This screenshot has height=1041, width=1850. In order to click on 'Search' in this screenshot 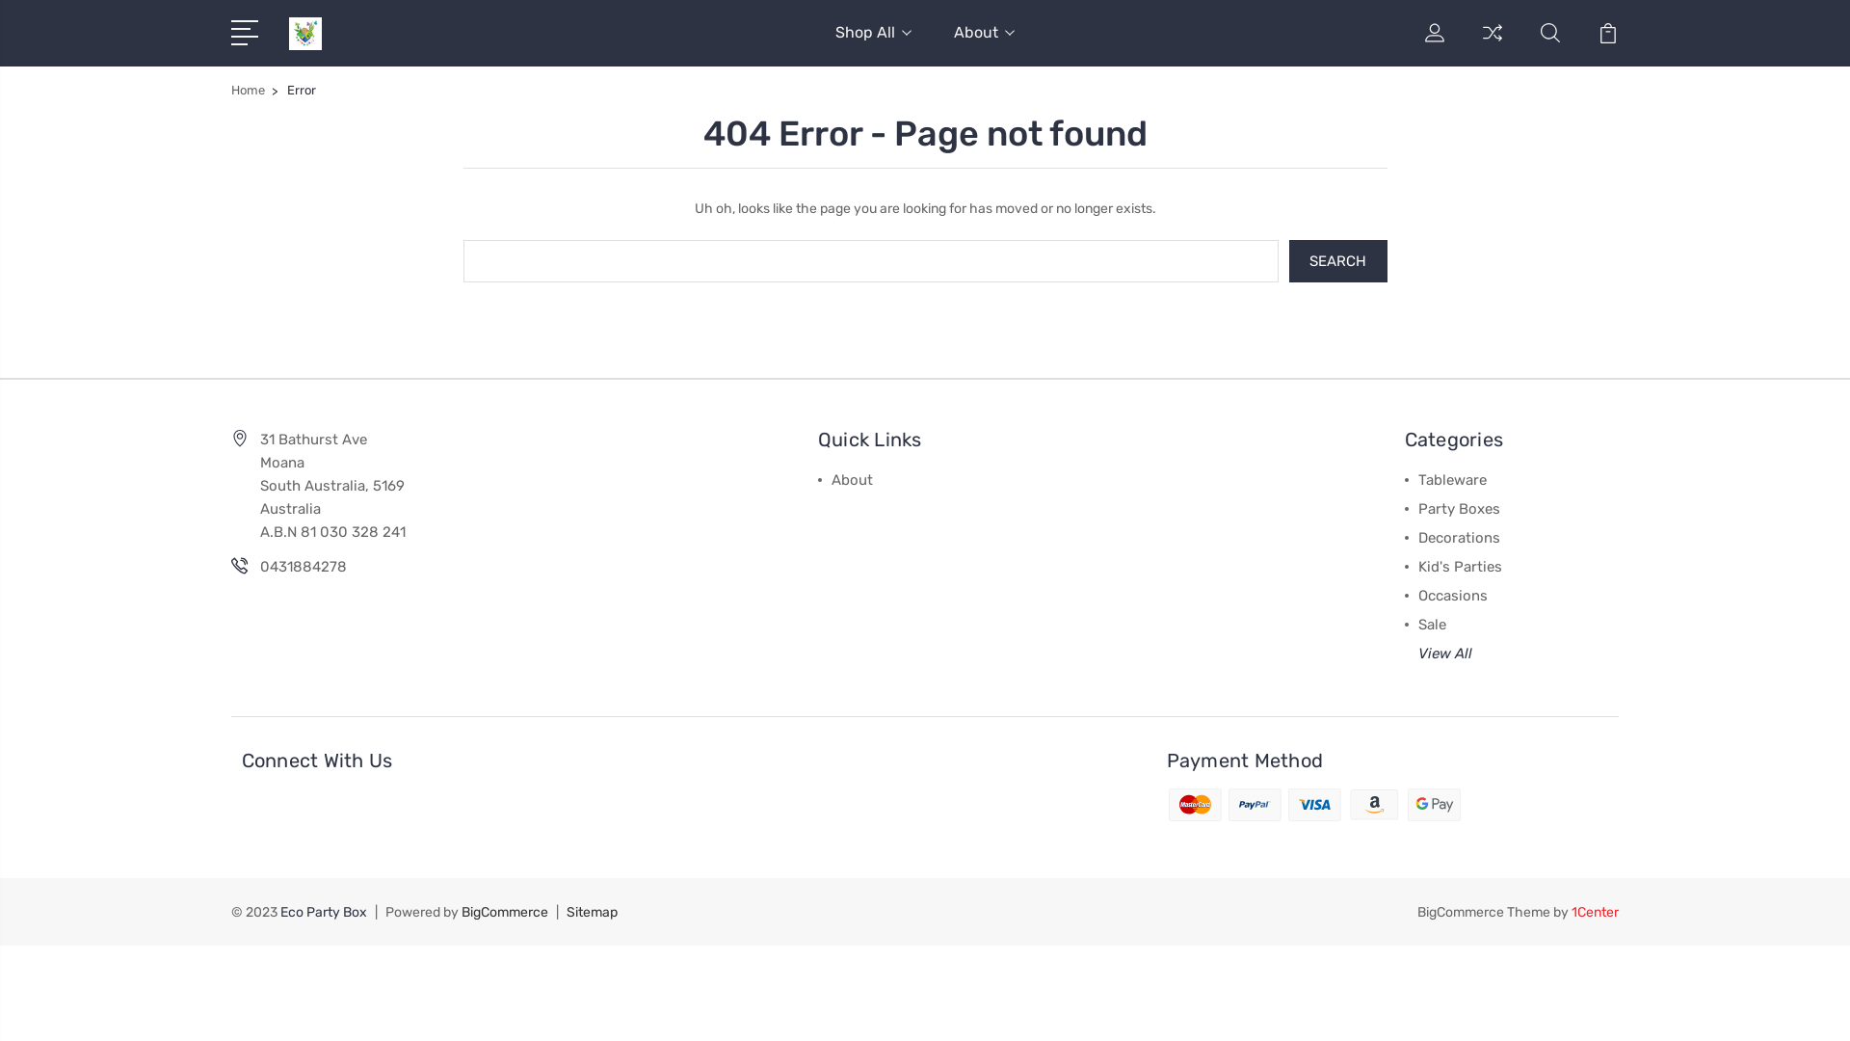, I will do `click(1336, 260)`.